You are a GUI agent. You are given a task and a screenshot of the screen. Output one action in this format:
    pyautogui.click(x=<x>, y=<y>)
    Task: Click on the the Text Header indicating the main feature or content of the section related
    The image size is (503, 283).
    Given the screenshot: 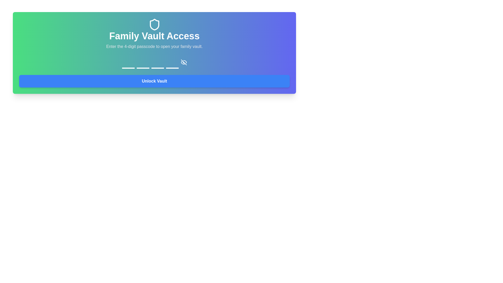 What is the action you would take?
    pyautogui.click(x=154, y=36)
    